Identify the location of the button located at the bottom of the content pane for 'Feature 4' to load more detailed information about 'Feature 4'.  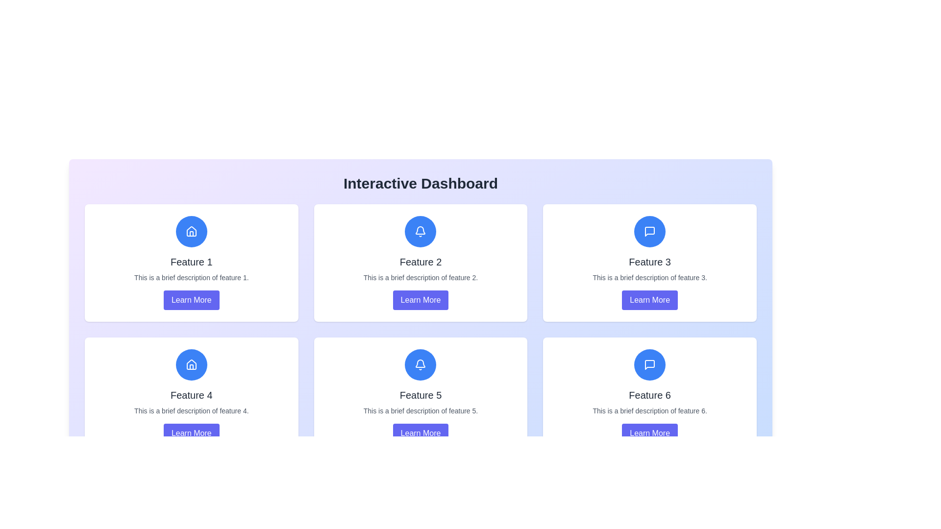
(191, 433).